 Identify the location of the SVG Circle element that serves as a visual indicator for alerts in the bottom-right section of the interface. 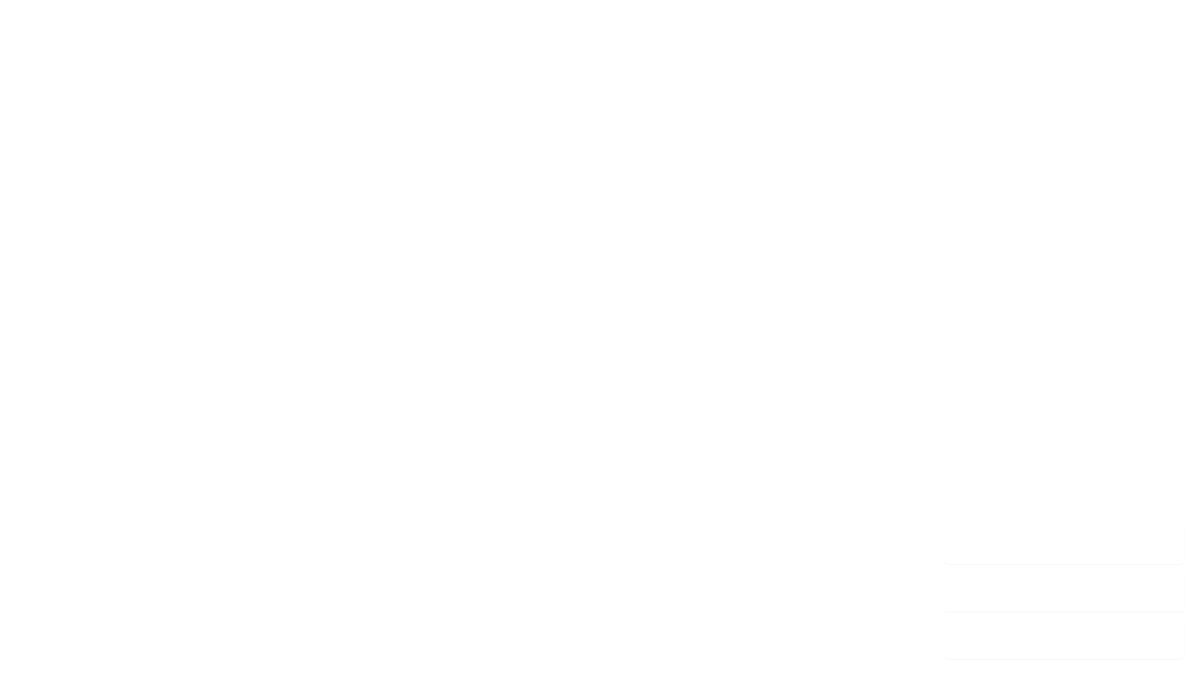
(957, 640).